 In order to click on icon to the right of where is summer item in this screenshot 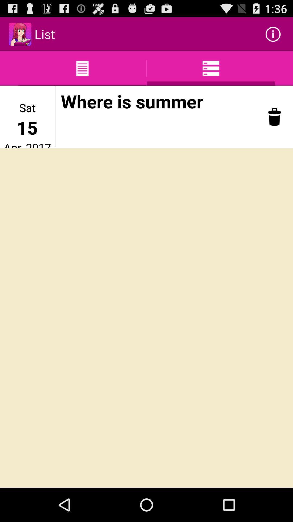, I will do `click(274, 116)`.